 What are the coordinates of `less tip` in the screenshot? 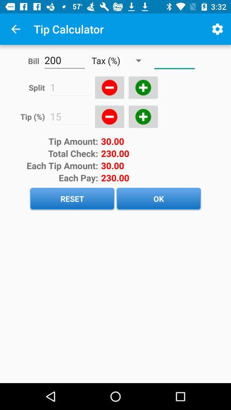 It's located at (110, 116).